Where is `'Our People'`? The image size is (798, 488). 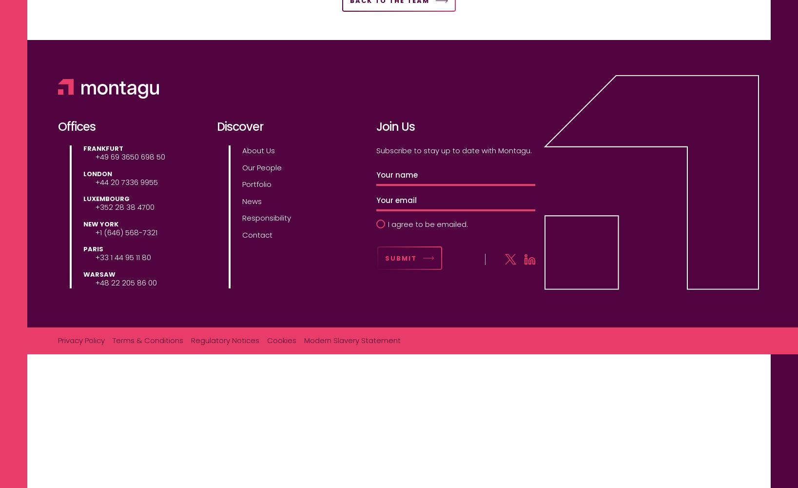 'Our People' is located at coordinates (261, 166).